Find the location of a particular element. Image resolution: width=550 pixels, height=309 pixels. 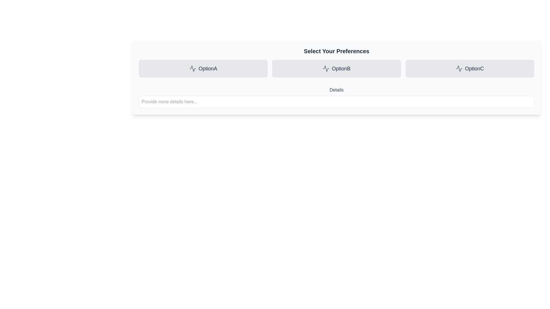

the button that allows users to select 'OptionB' within a group of three choices, positioned between 'OptionA' and 'OptionC' is located at coordinates (337, 68).